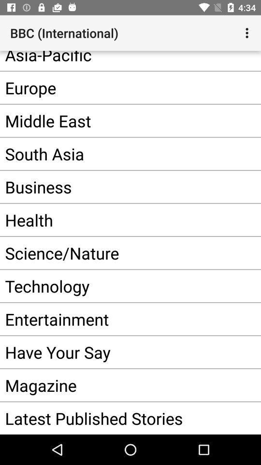 The width and height of the screenshot is (261, 465). Describe the element at coordinates (116, 60) in the screenshot. I see `app above the europe` at that location.